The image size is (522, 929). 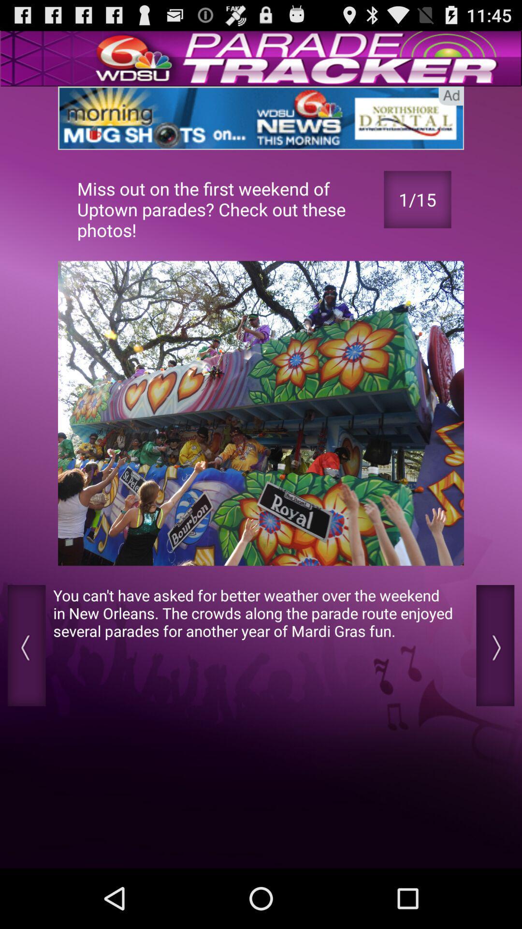 I want to click on the news, so click(x=261, y=118).